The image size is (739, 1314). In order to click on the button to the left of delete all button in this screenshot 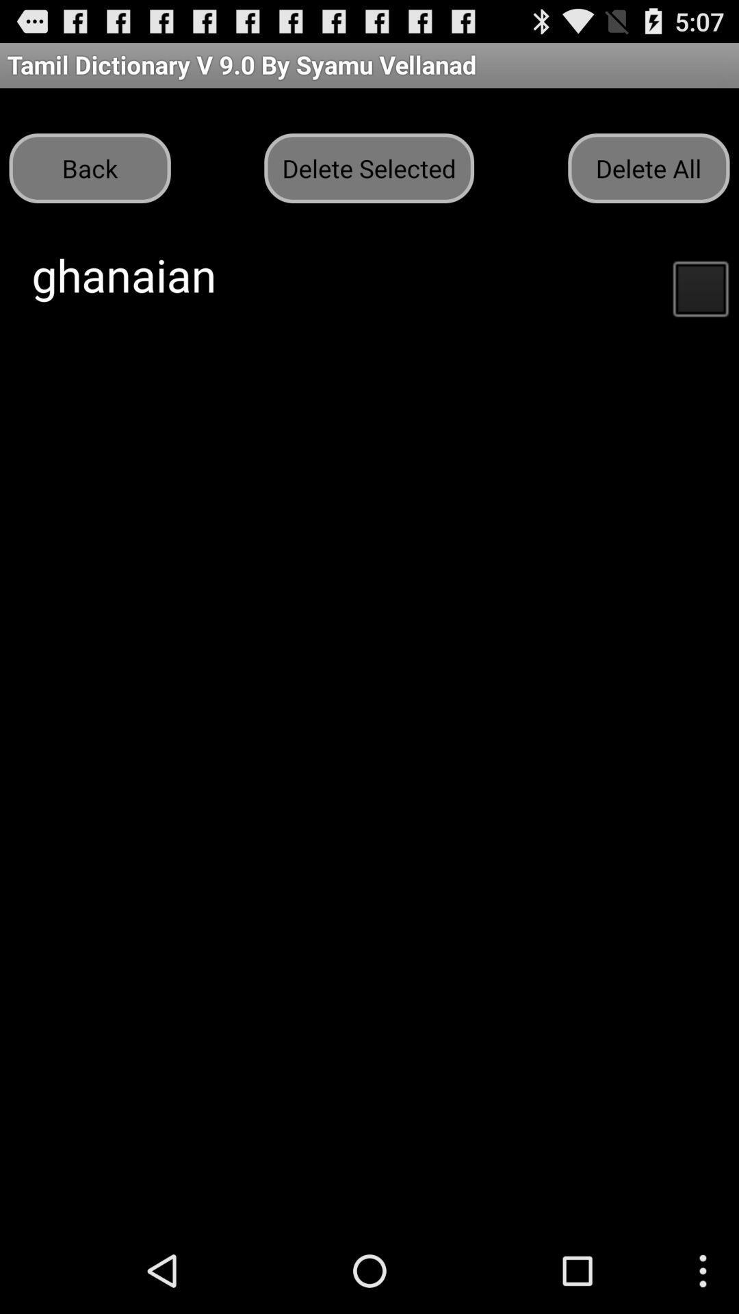, I will do `click(368, 167)`.